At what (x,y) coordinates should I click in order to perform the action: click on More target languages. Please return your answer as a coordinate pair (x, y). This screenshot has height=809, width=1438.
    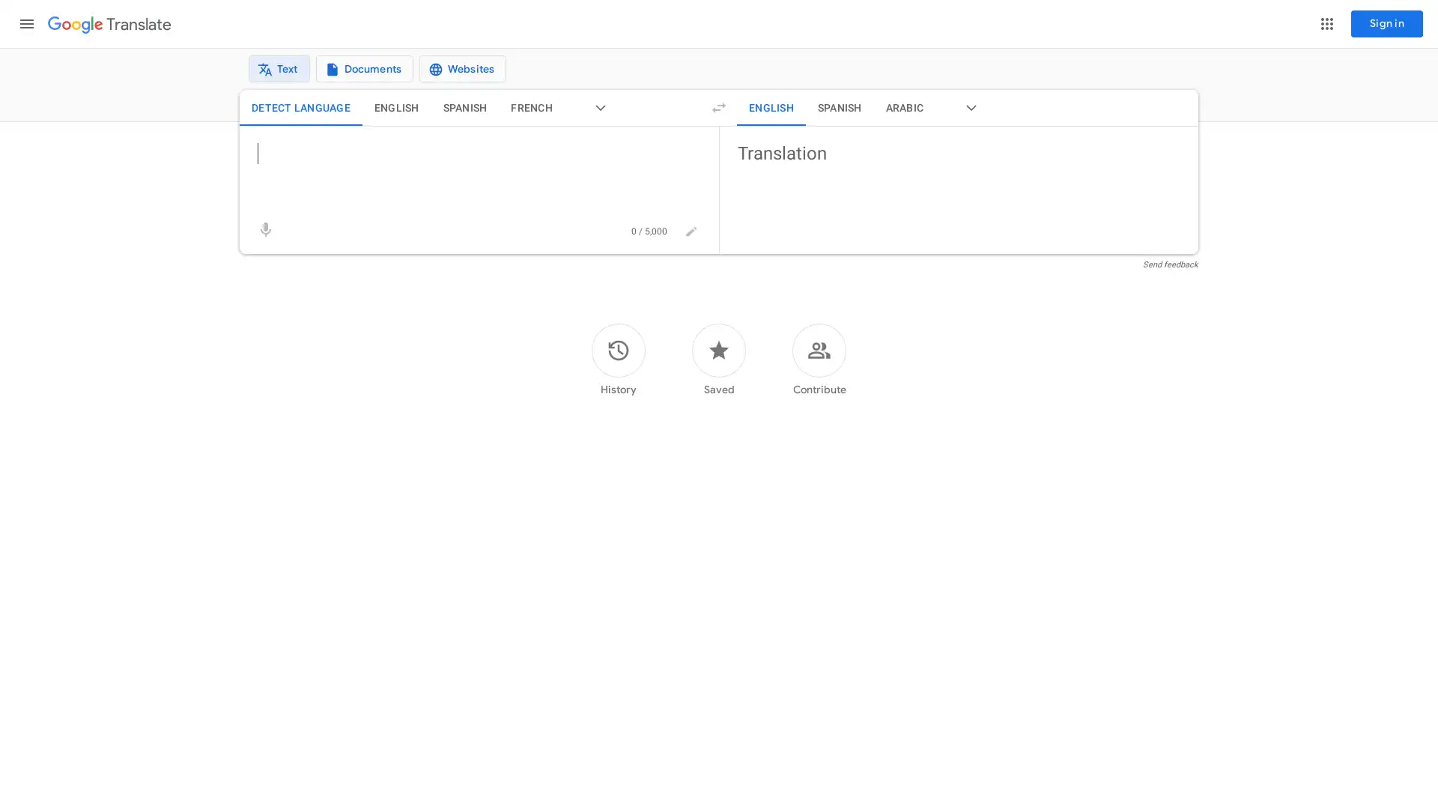
    Looking at the image, I should click on (971, 115).